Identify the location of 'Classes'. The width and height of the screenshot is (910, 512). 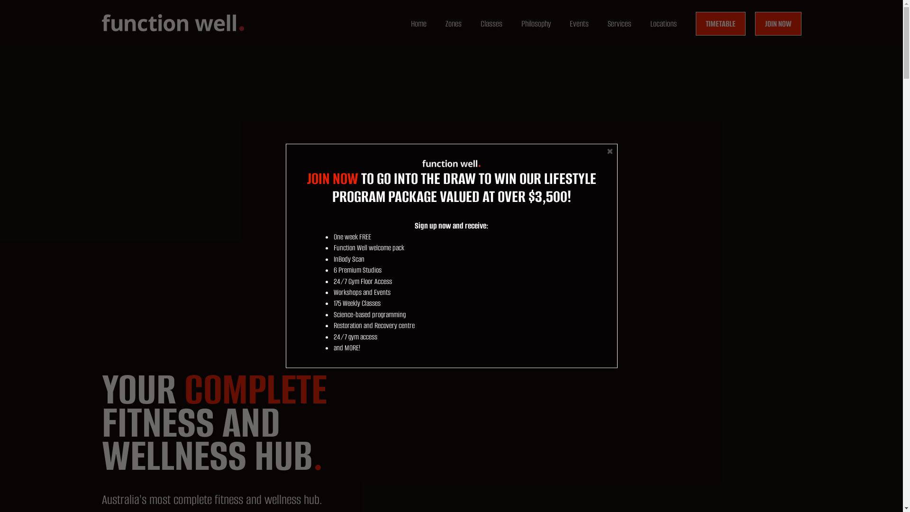
(491, 23).